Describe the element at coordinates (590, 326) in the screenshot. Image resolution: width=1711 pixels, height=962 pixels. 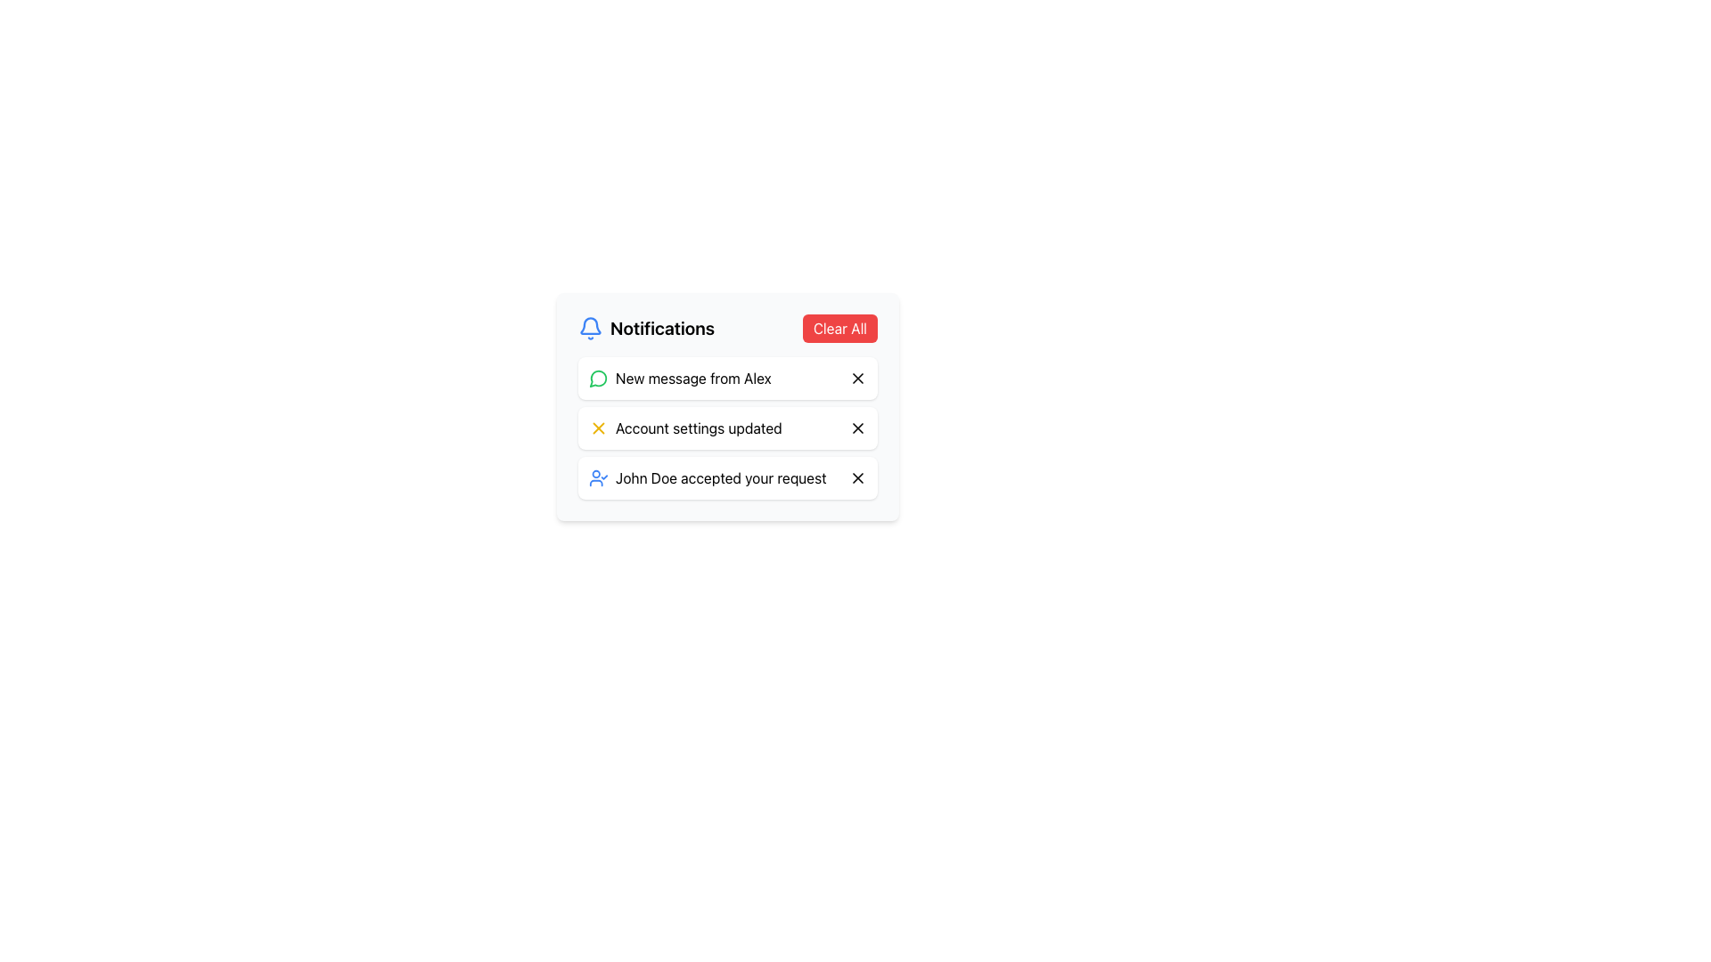
I see `the primary bell body of the notification icon located at the top-left corner of the notification panel adjacent to the 'Notifications' title` at that location.